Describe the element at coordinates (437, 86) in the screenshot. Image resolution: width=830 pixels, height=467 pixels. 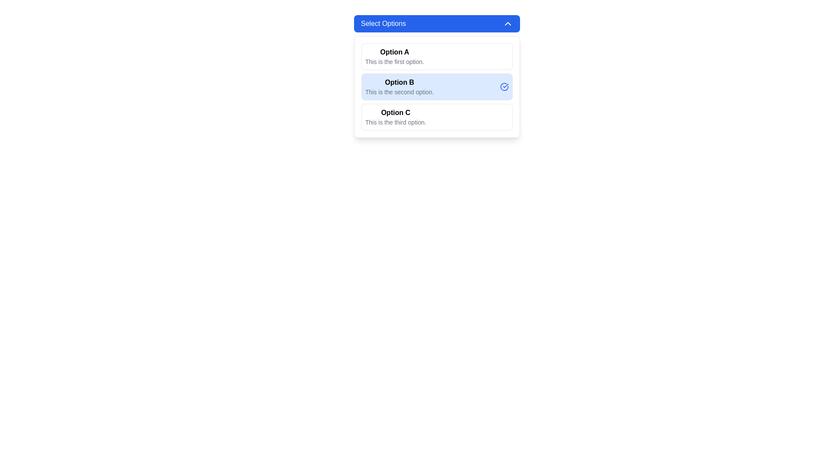
I see `to select the second item in the 'Select Options' dropdown menu, which highlights it as the current choice` at that location.